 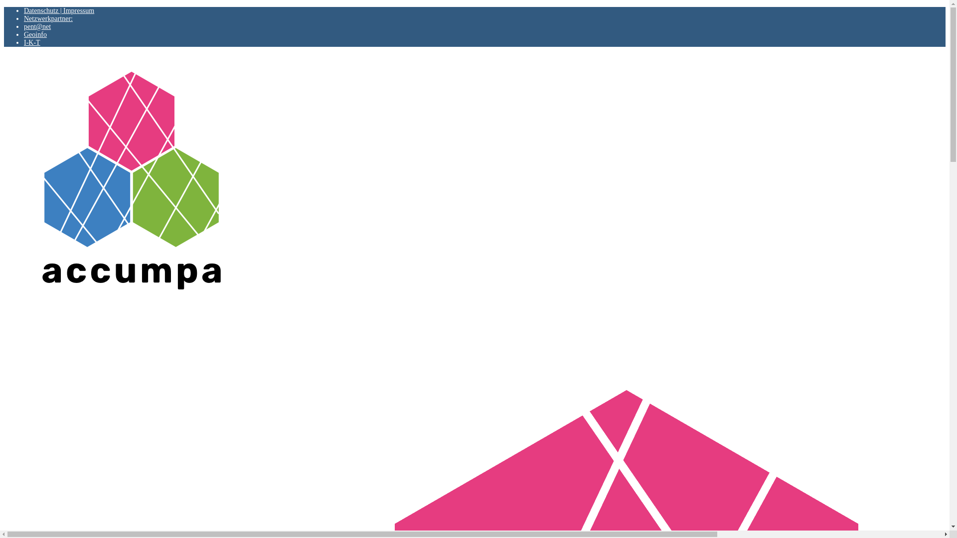 I want to click on 'pent@net', so click(x=37, y=26).